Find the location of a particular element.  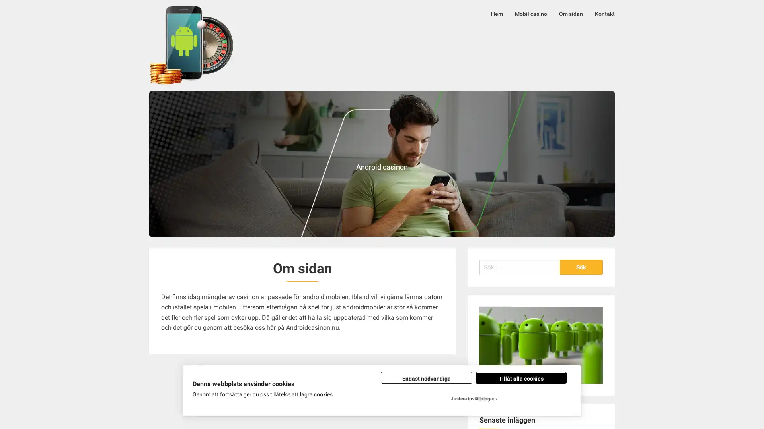

Tillat alla cookies is located at coordinates (521, 377).